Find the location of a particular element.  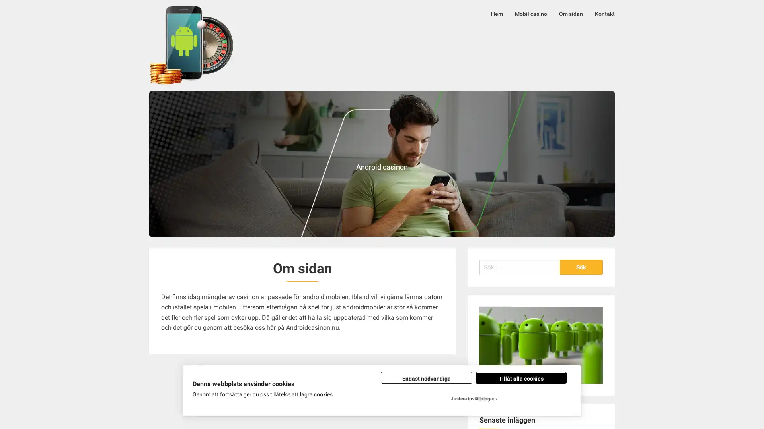

Tillat alla cookies is located at coordinates (521, 377).